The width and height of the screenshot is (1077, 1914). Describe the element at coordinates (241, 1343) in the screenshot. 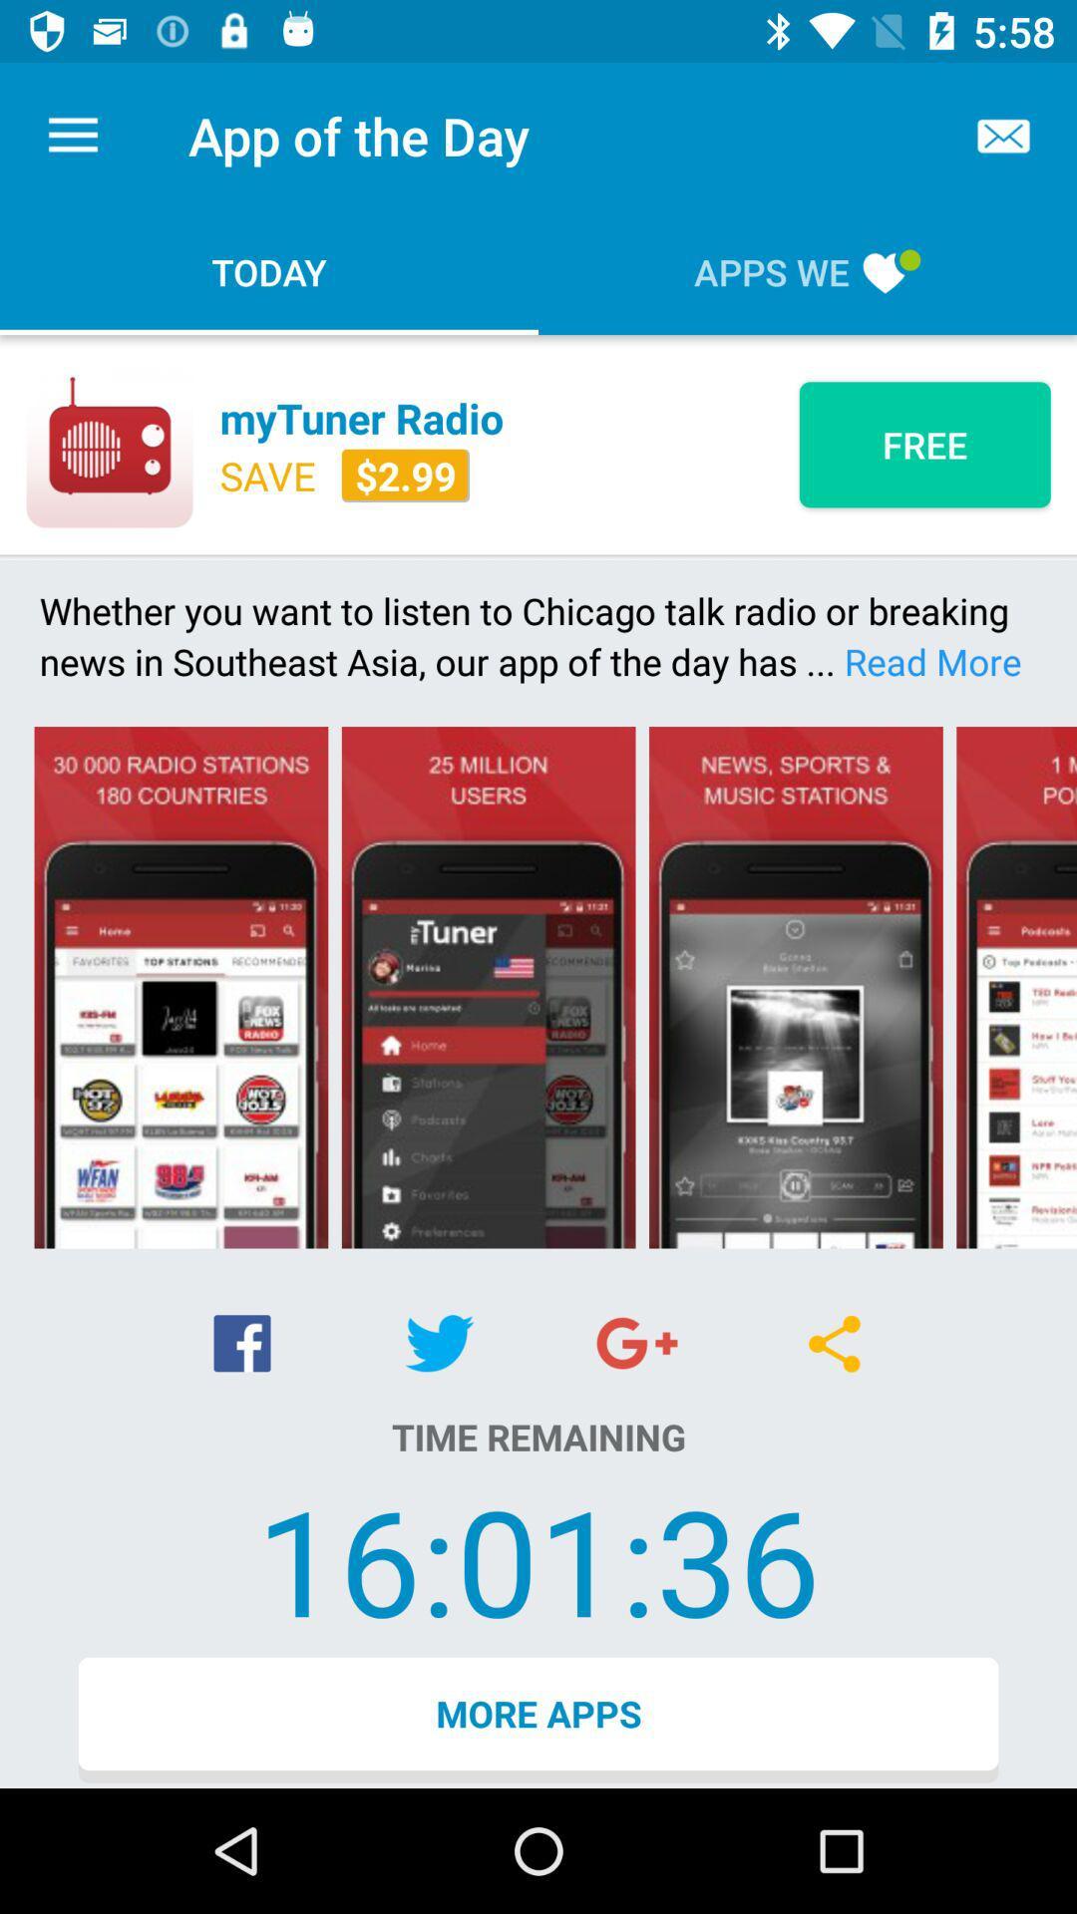

I see `the icon at the bottom left corner` at that location.